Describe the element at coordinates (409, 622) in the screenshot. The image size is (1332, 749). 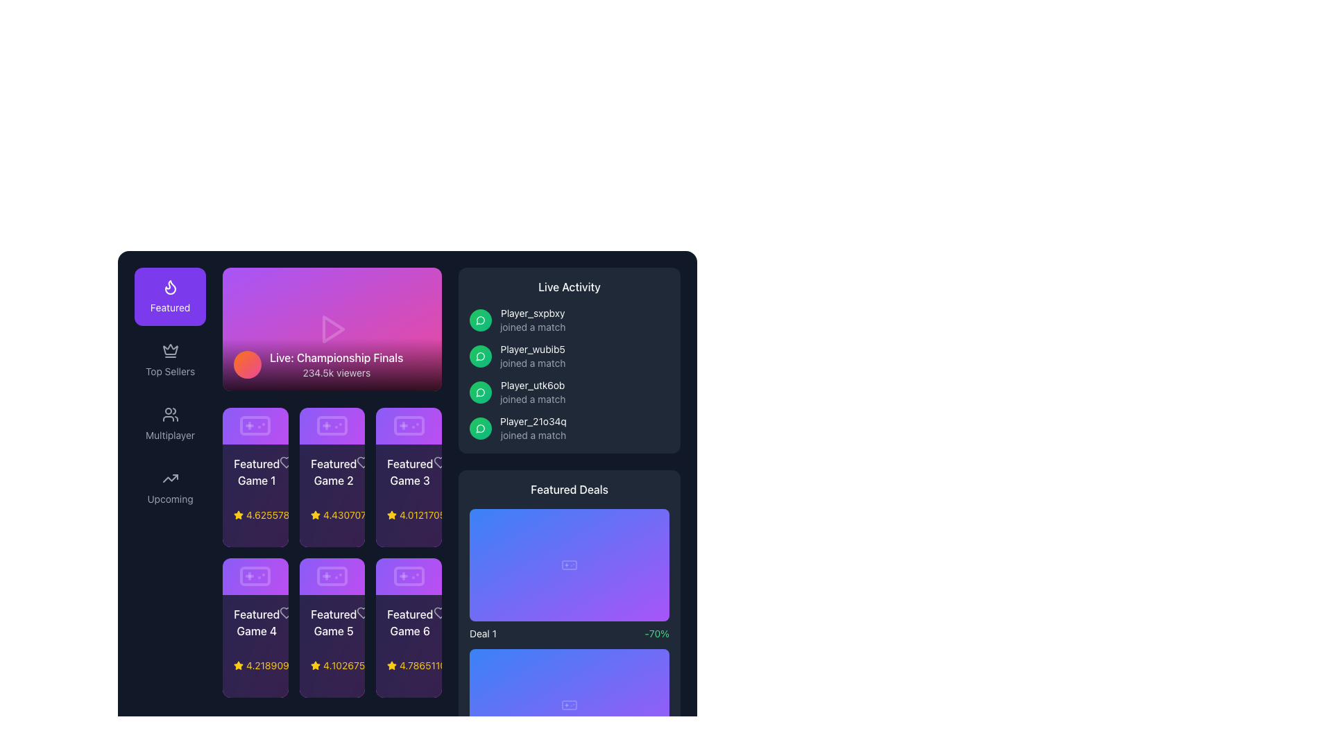
I see `the 'Featured Game 6' label, which is located in the bottom row of a grid of recommended games, specifically positioned at the rightmost end` at that location.